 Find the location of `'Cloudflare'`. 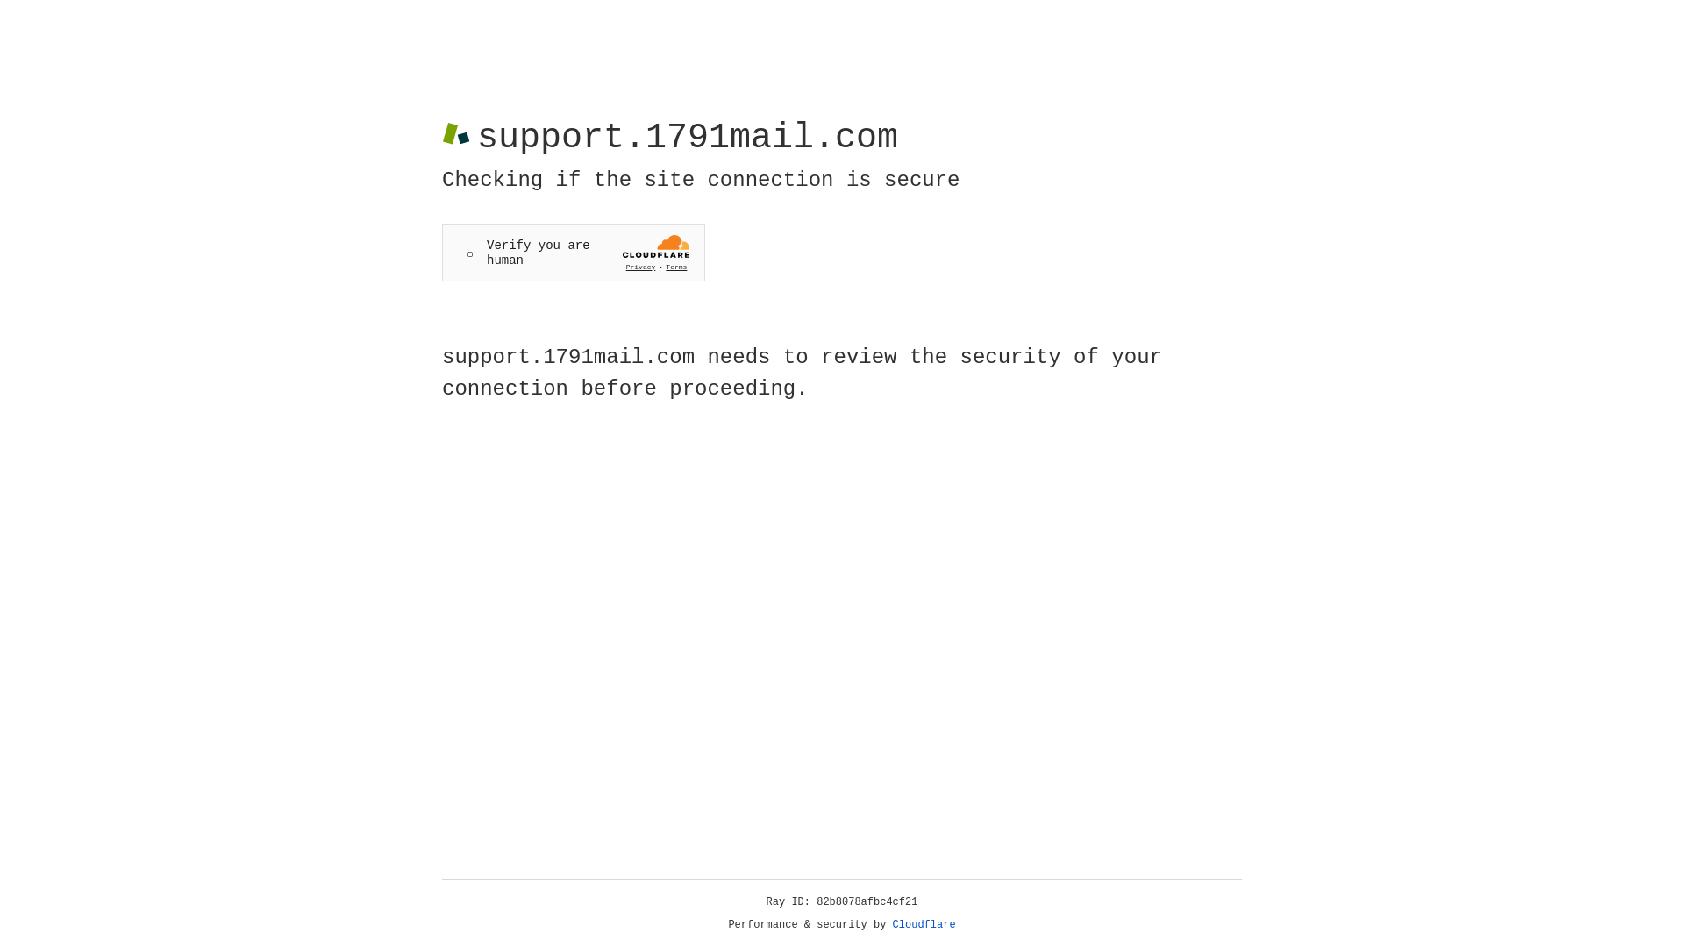

'Cloudflare' is located at coordinates (892, 924).